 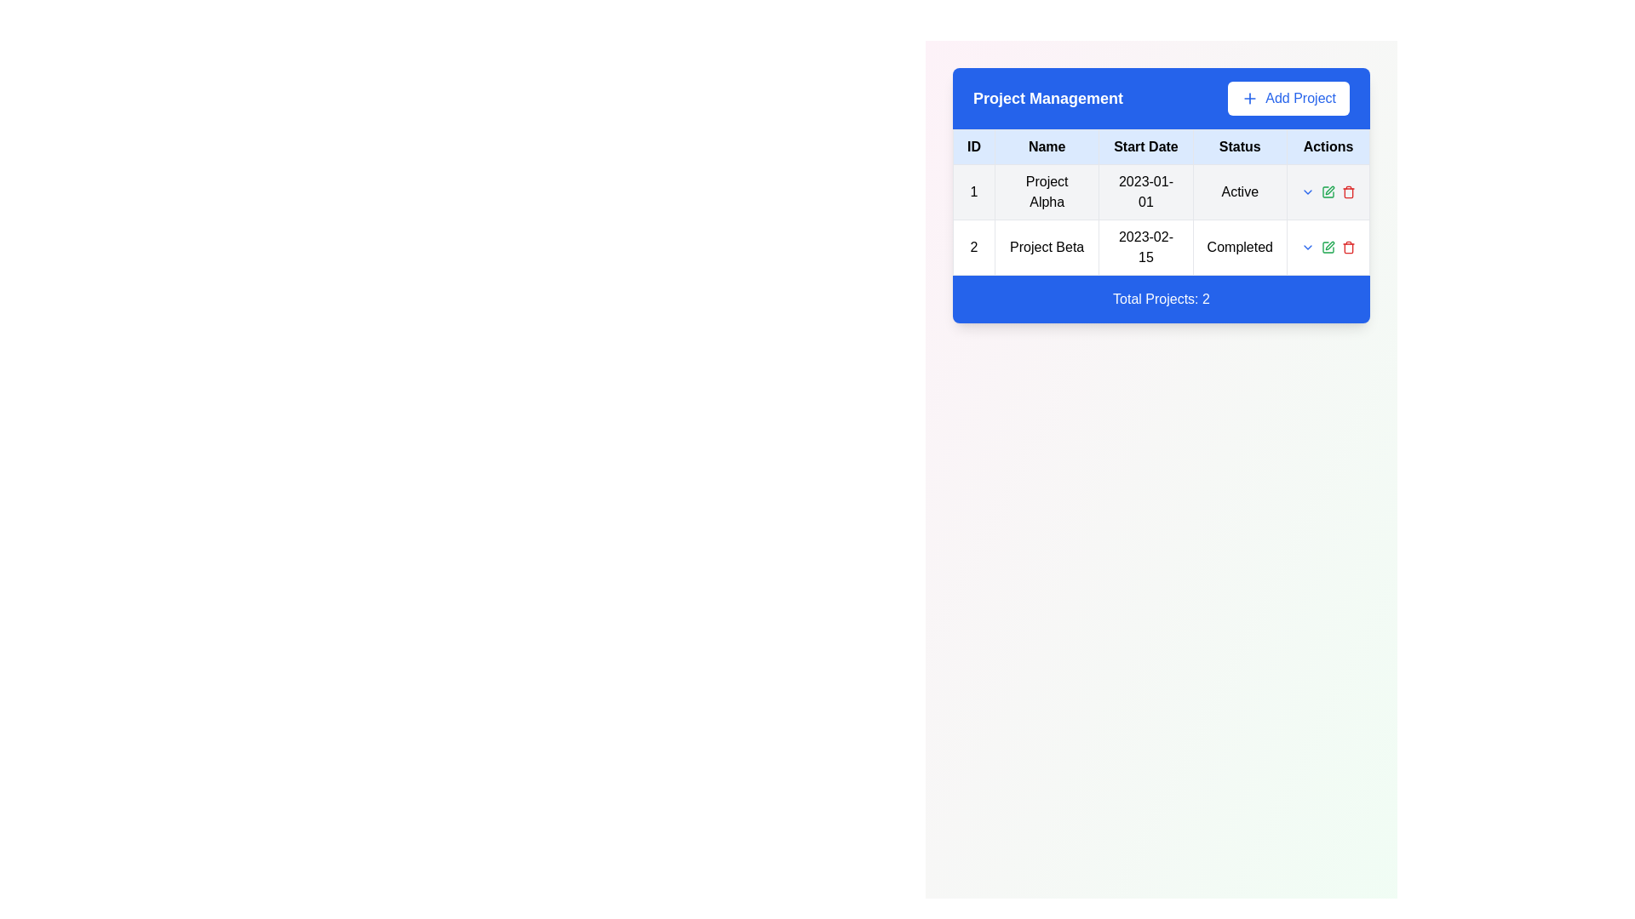 I want to click on project details from the first row of the table, which displays the project's ID, name, start date, current status, and associated actions, so click(x=1160, y=191).